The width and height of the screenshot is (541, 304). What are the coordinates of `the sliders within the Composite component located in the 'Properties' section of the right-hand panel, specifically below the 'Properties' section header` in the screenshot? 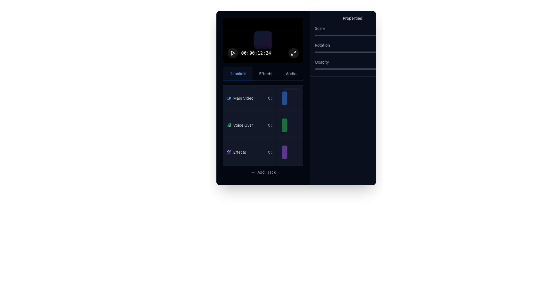 It's located at (352, 48).